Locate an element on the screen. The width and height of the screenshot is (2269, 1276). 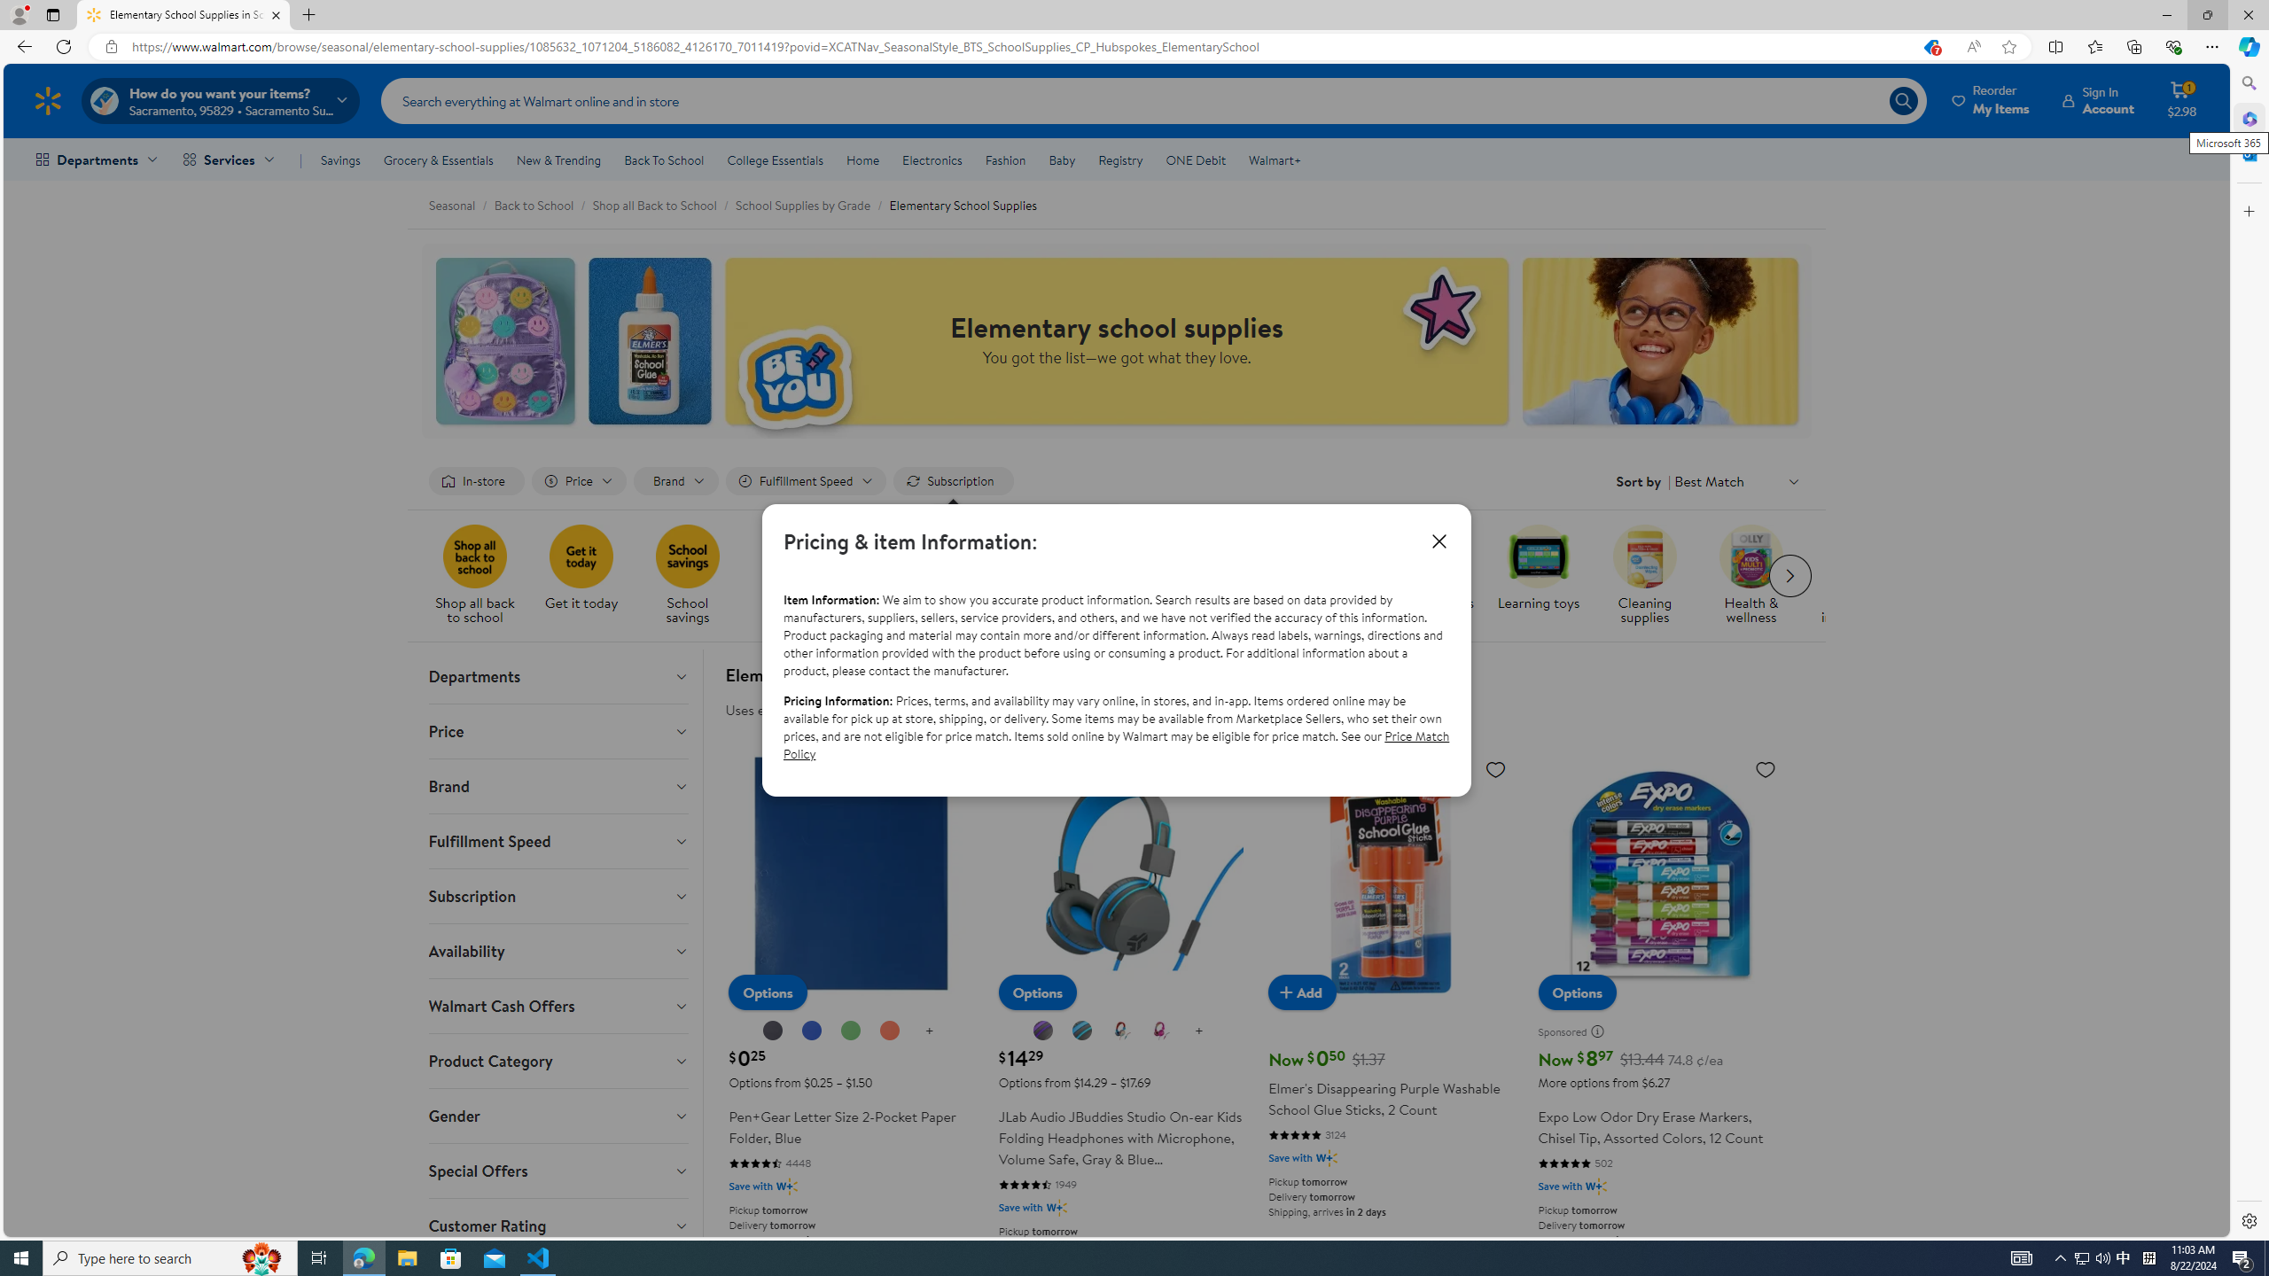
'Close dialog' is located at coordinates (1439, 540).